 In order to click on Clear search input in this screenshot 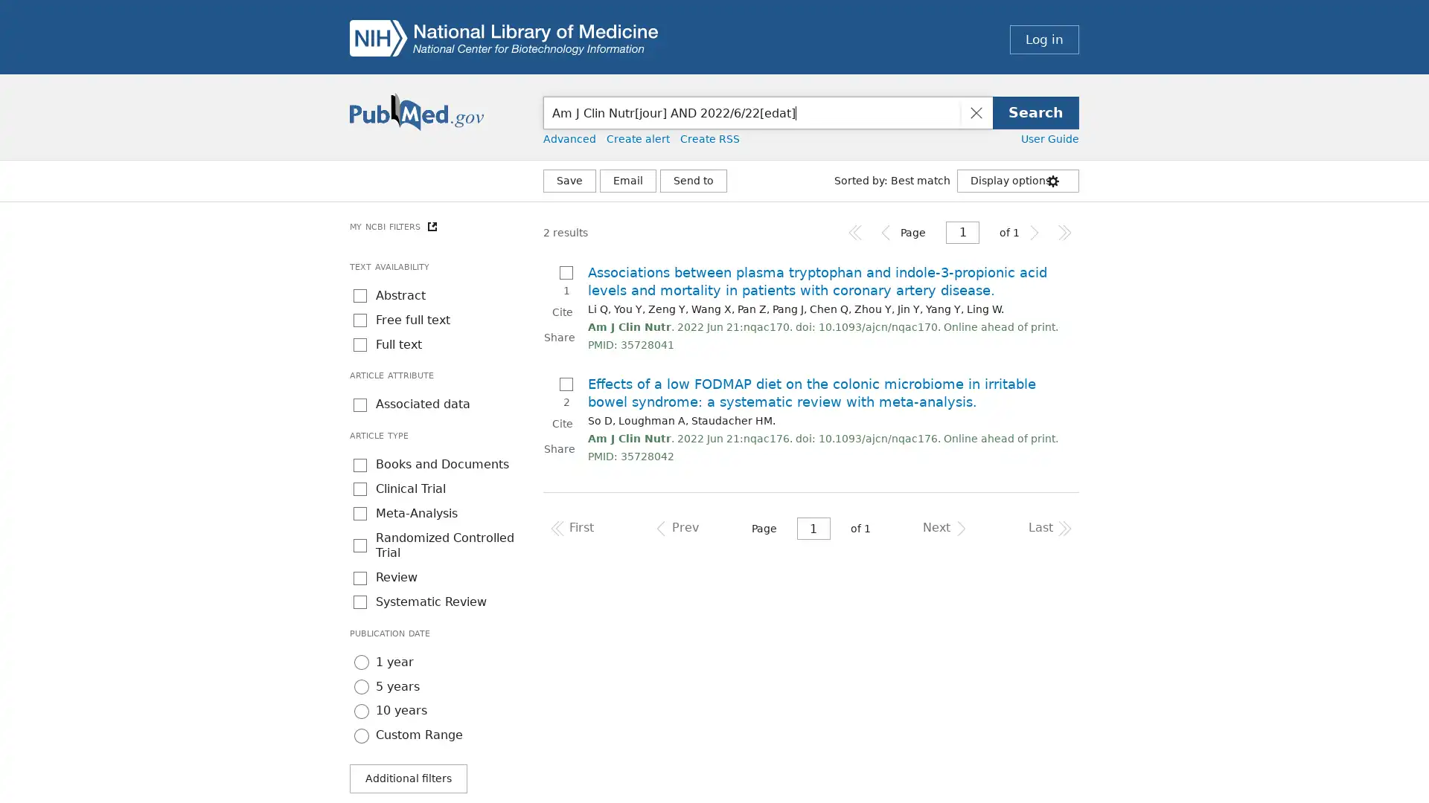, I will do `click(975, 112)`.